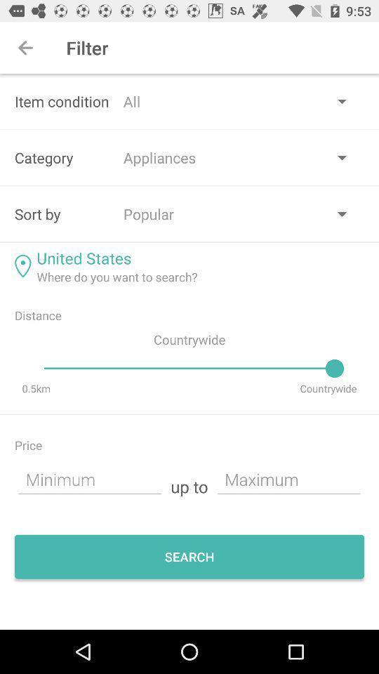  I want to click on minimum price, so click(90, 479).